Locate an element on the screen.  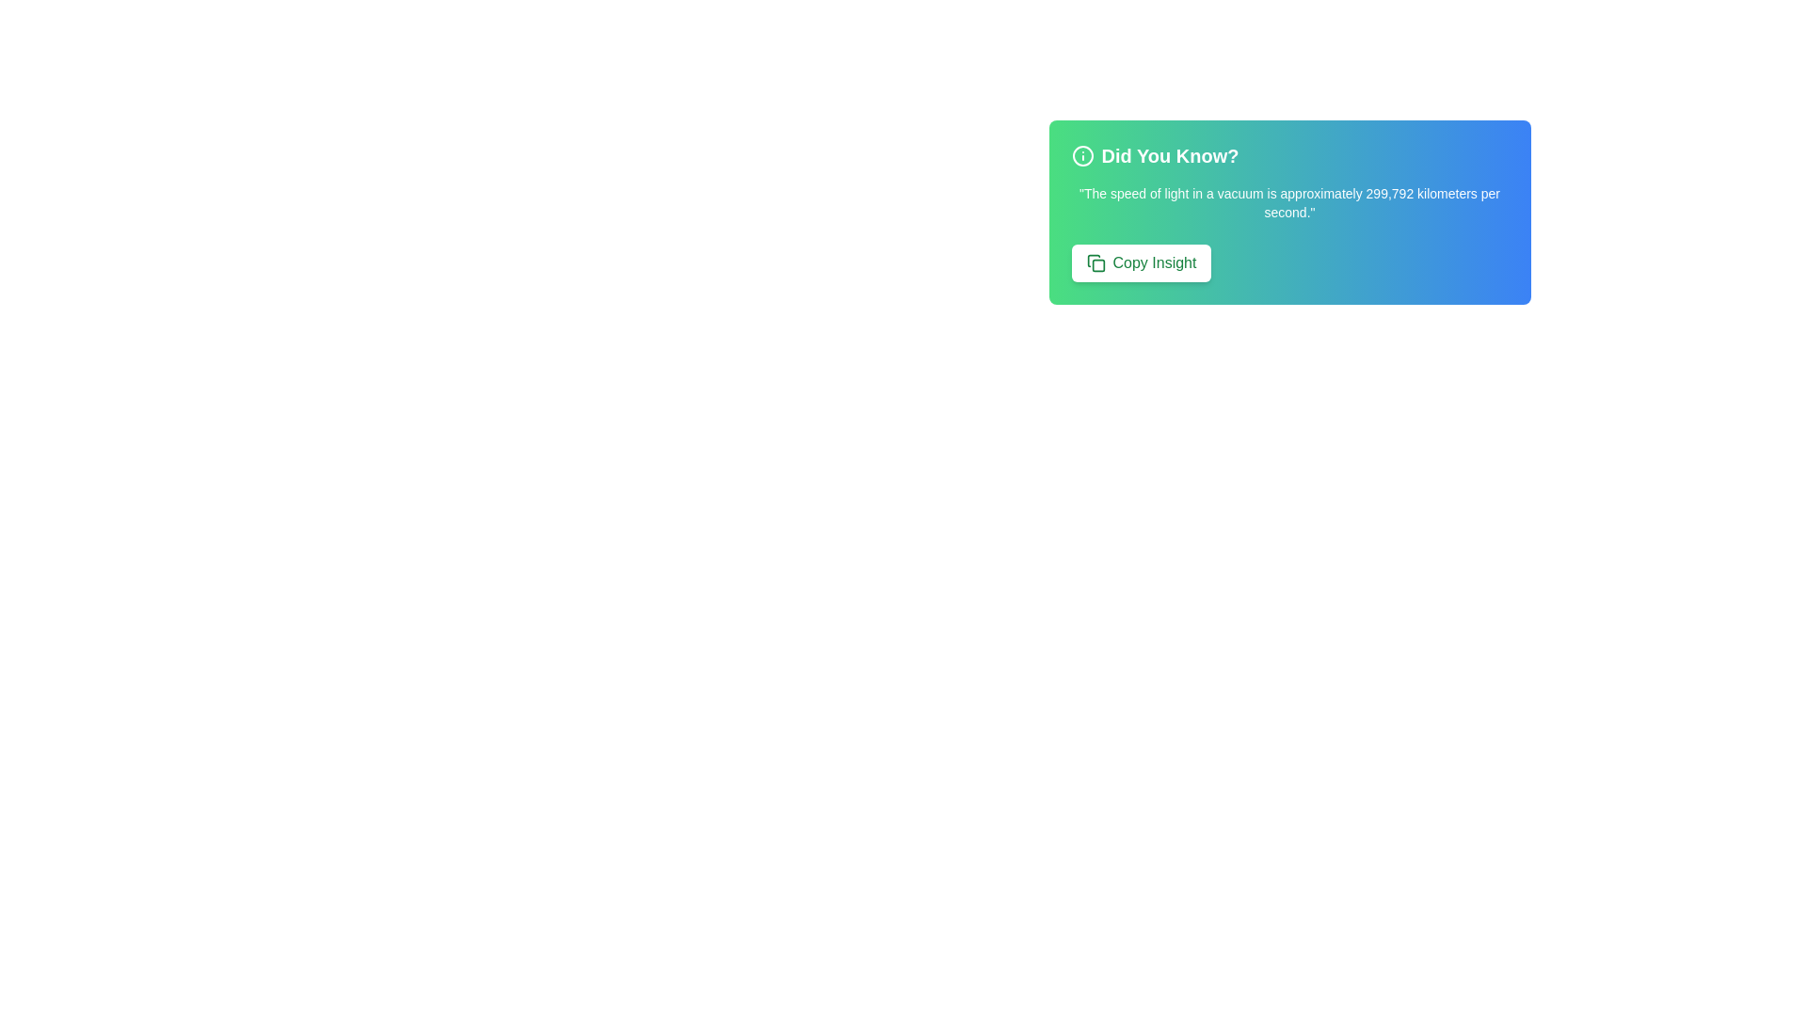
the static text displaying the phrase 'The speed of light in a vacuum is approximately 299,792 kilometers per second.' which is styled with white text and located between 'Did You Know?' and 'Copy Insight' button is located at coordinates (1288, 203).